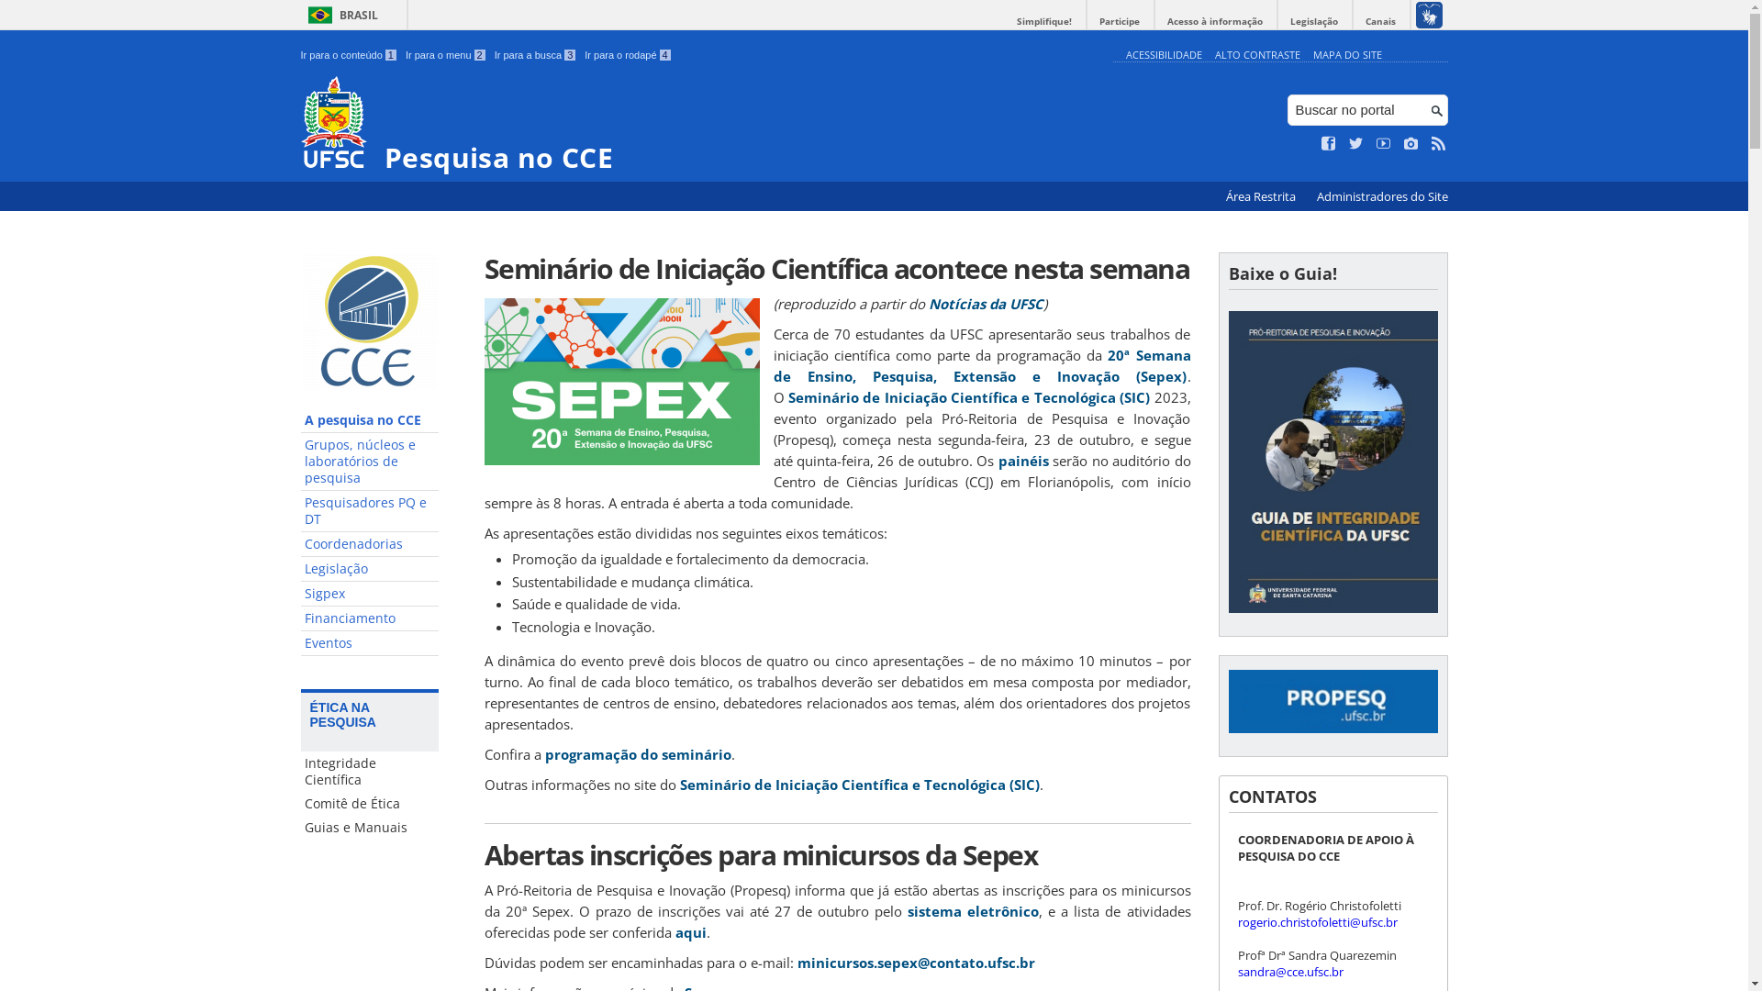 This screenshot has height=991, width=1762. I want to click on 'ACESSIBILIDADE', so click(1123, 53).